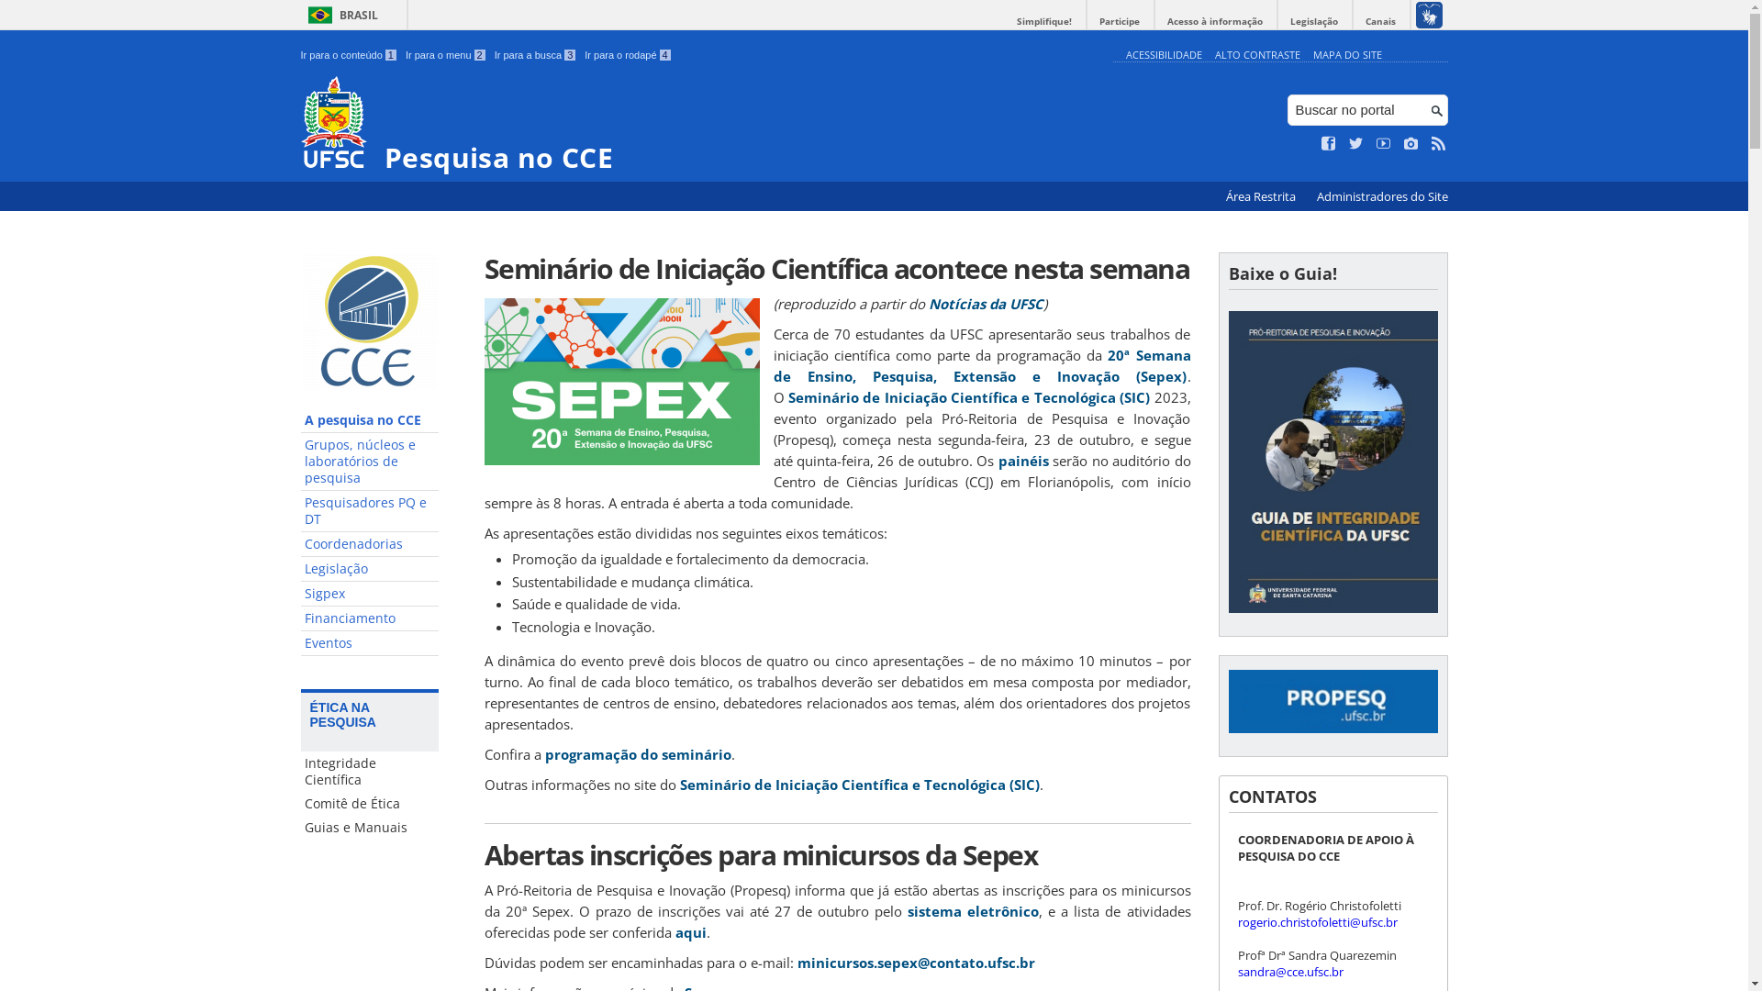 This screenshot has height=991, width=1762. I want to click on 'ACESSIBILIDADE', so click(1123, 53).